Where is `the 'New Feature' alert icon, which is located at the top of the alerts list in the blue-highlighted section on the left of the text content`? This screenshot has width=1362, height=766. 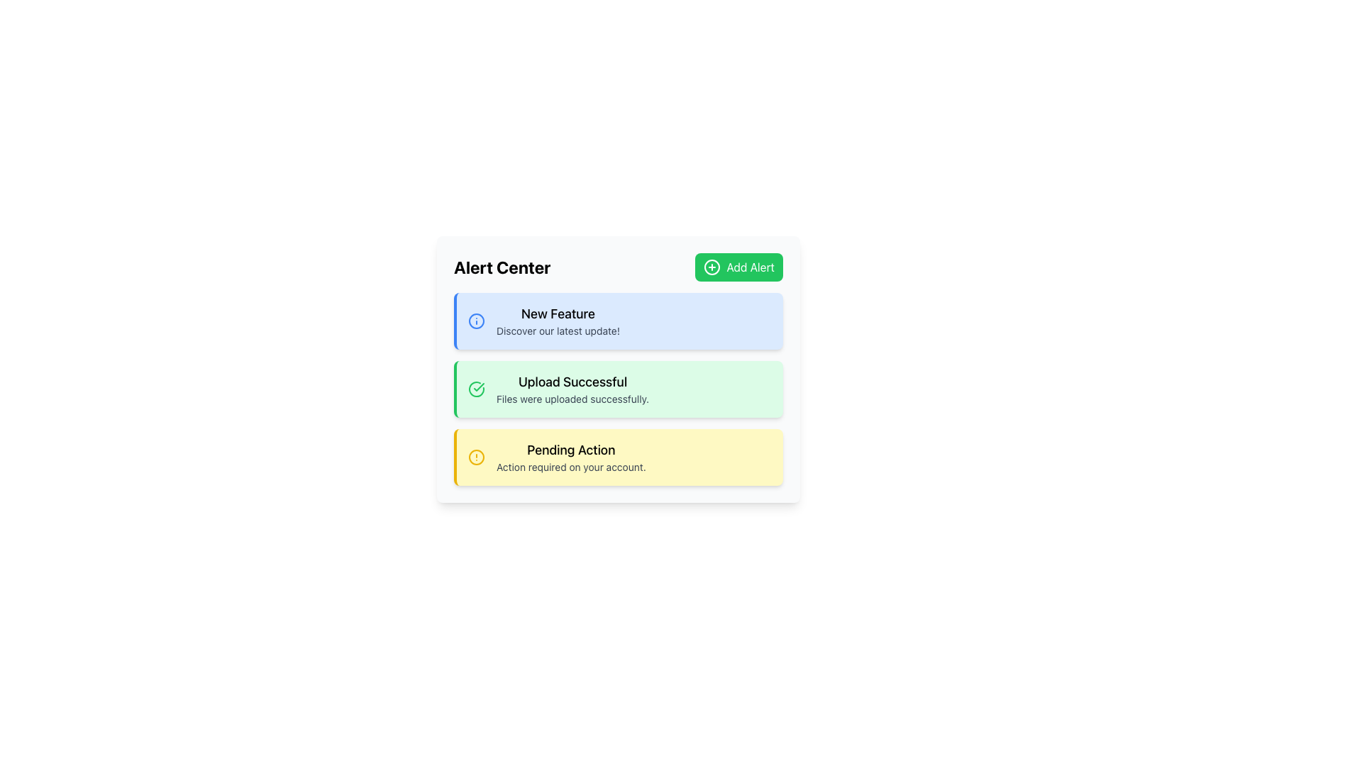 the 'New Feature' alert icon, which is located at the top of the alerts list in the blue-highlighted section on the left of the text content is located at coordinates (477, 321).